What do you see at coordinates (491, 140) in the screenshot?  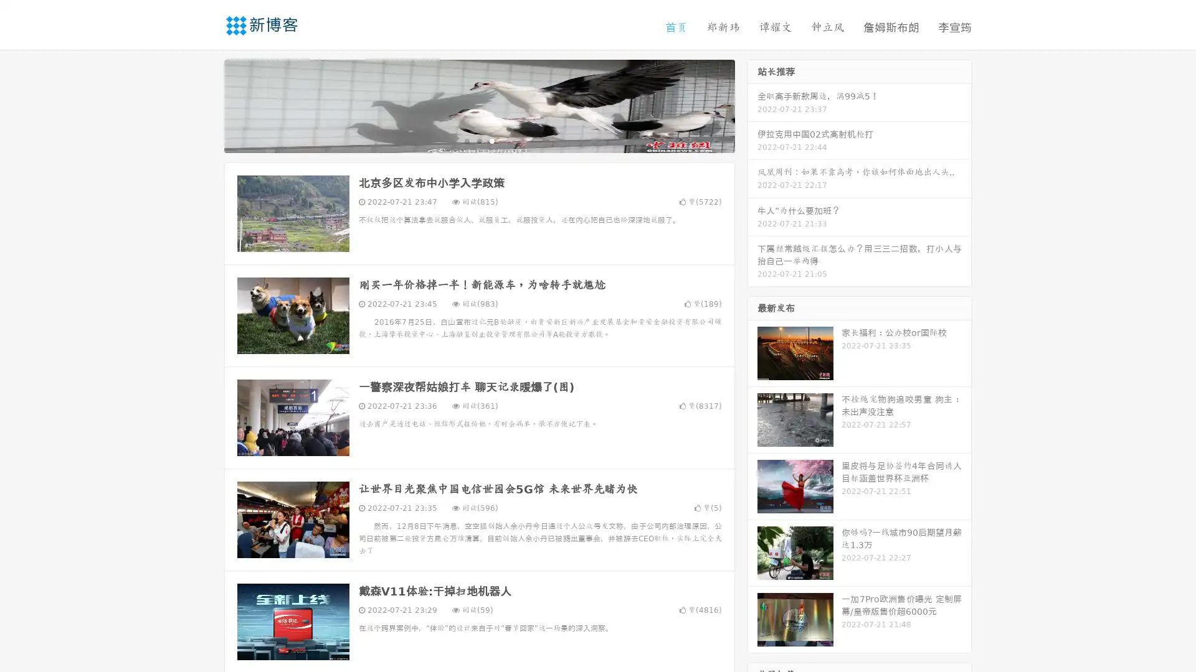 I see `Go to slide 3` at bounding box center [491, 140].